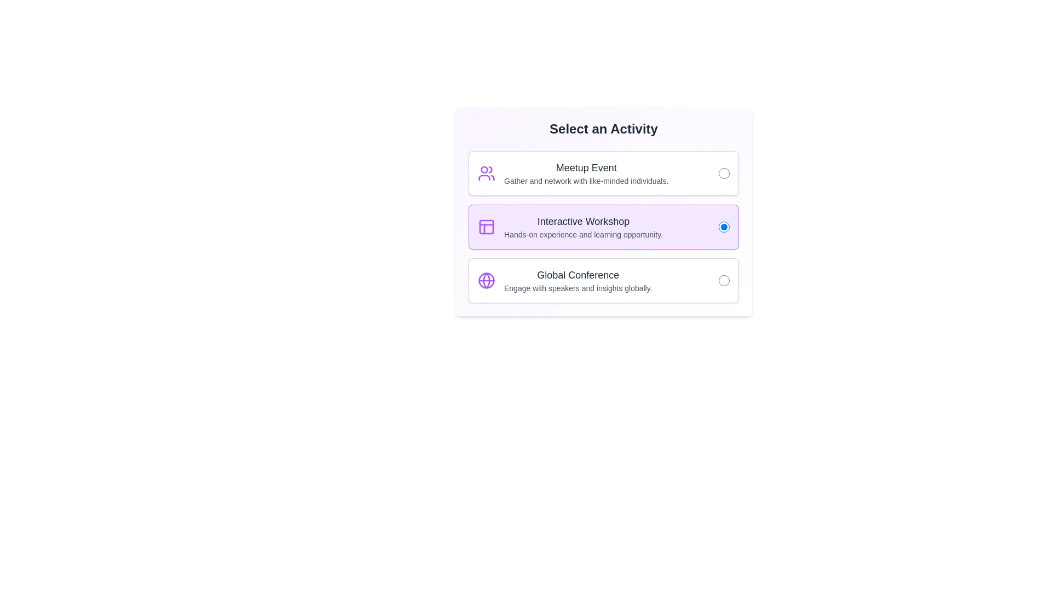  I want to click on the title label for the selectable option located in the center of the second box, which is positioned above the text 'Hands-on experience and learning opportunity.', so click(582, 222).